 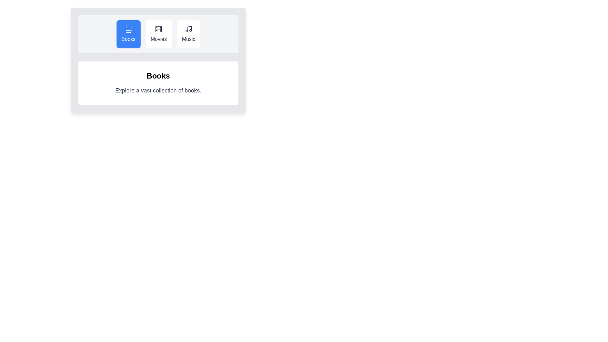 I want to click on the Books tab, so click(x=128, y=34).